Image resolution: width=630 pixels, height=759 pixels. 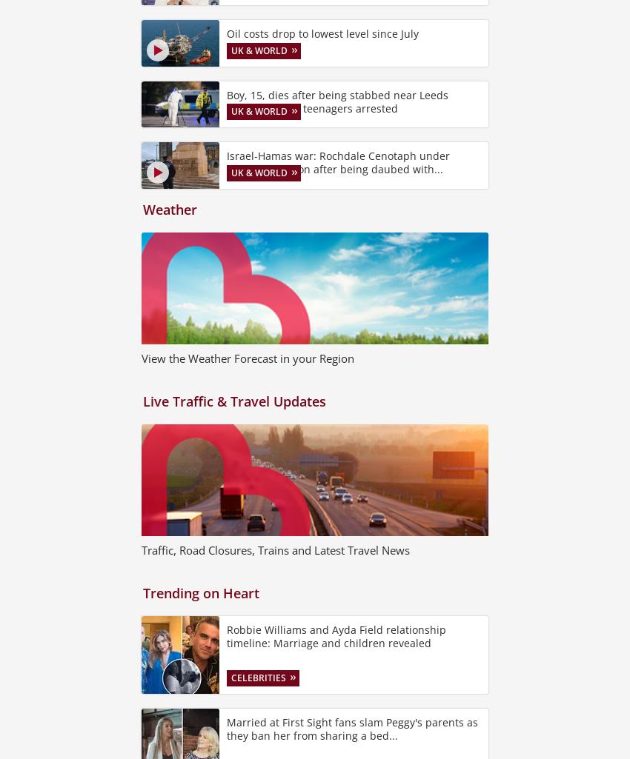 I want to click on 'Celebrities', so click(x=231, y=677).